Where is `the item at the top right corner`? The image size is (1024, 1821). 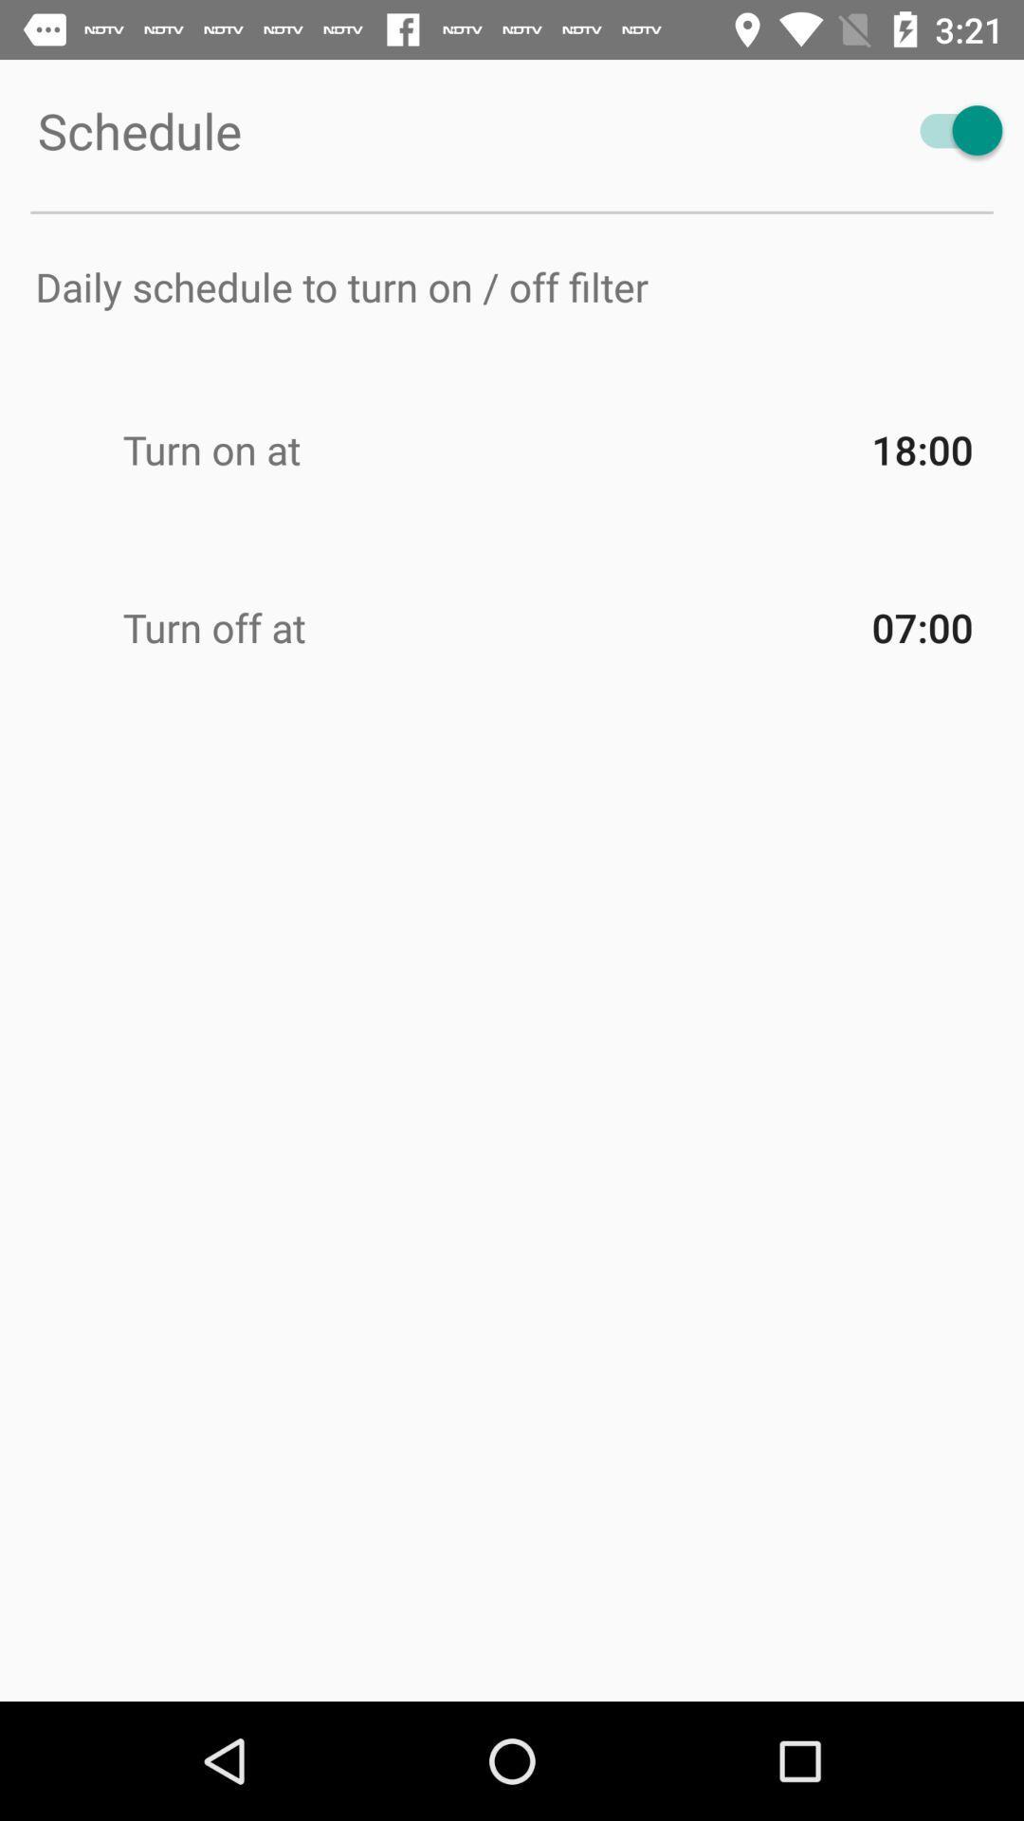
the item at the top right corner is located at coordinates (952, 129).